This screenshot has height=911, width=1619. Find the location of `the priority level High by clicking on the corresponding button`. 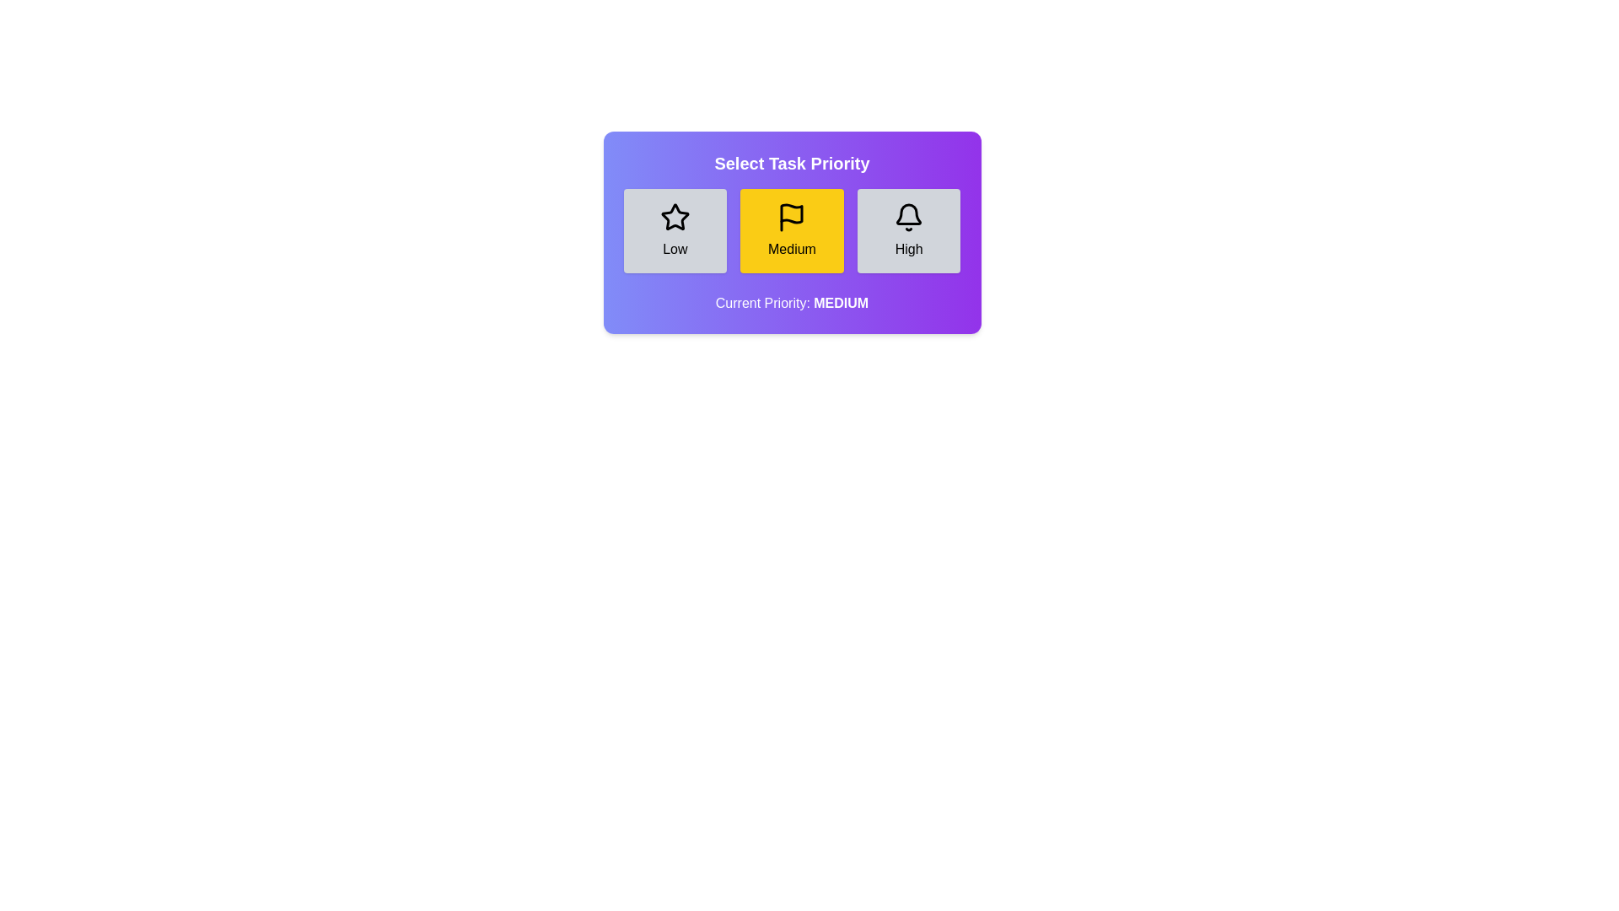

the priority level High by clicking on the corresponding button is located at coordinates (908, 230).